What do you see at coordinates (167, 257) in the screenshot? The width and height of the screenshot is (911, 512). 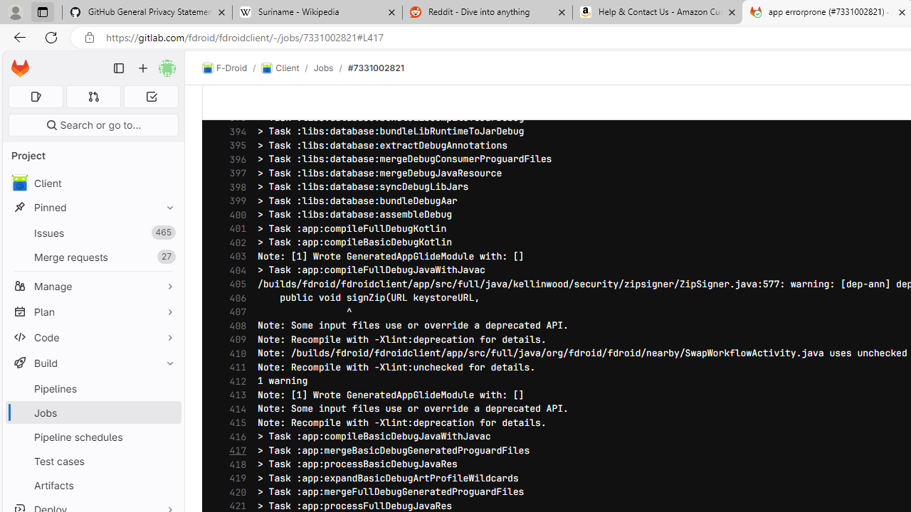 I see `'Unpin Merge requests'` at bounding box center [167, 257].